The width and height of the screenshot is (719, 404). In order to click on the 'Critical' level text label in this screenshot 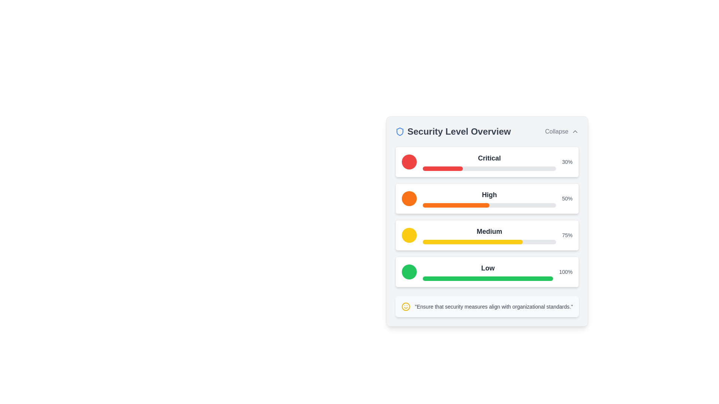, I will do `click(489, 158)`.